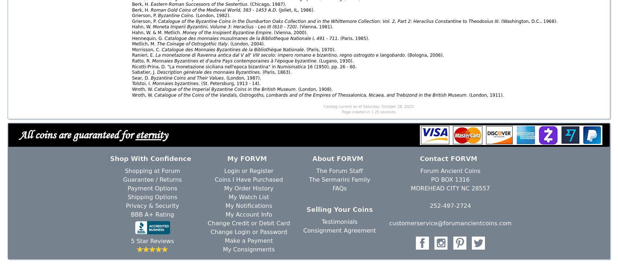  What do you see at coordinates (152, 84) in the screenshot?
I see `'Monnaies byzantines'` at bounding box center [152, 84].